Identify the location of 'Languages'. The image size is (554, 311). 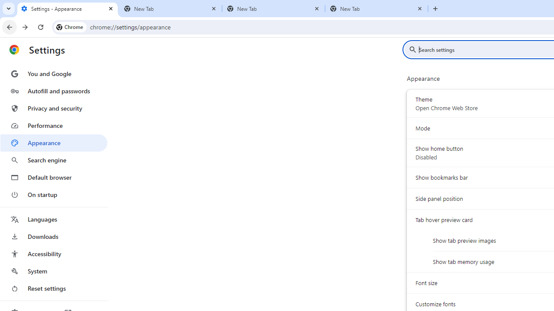
(53, 219).